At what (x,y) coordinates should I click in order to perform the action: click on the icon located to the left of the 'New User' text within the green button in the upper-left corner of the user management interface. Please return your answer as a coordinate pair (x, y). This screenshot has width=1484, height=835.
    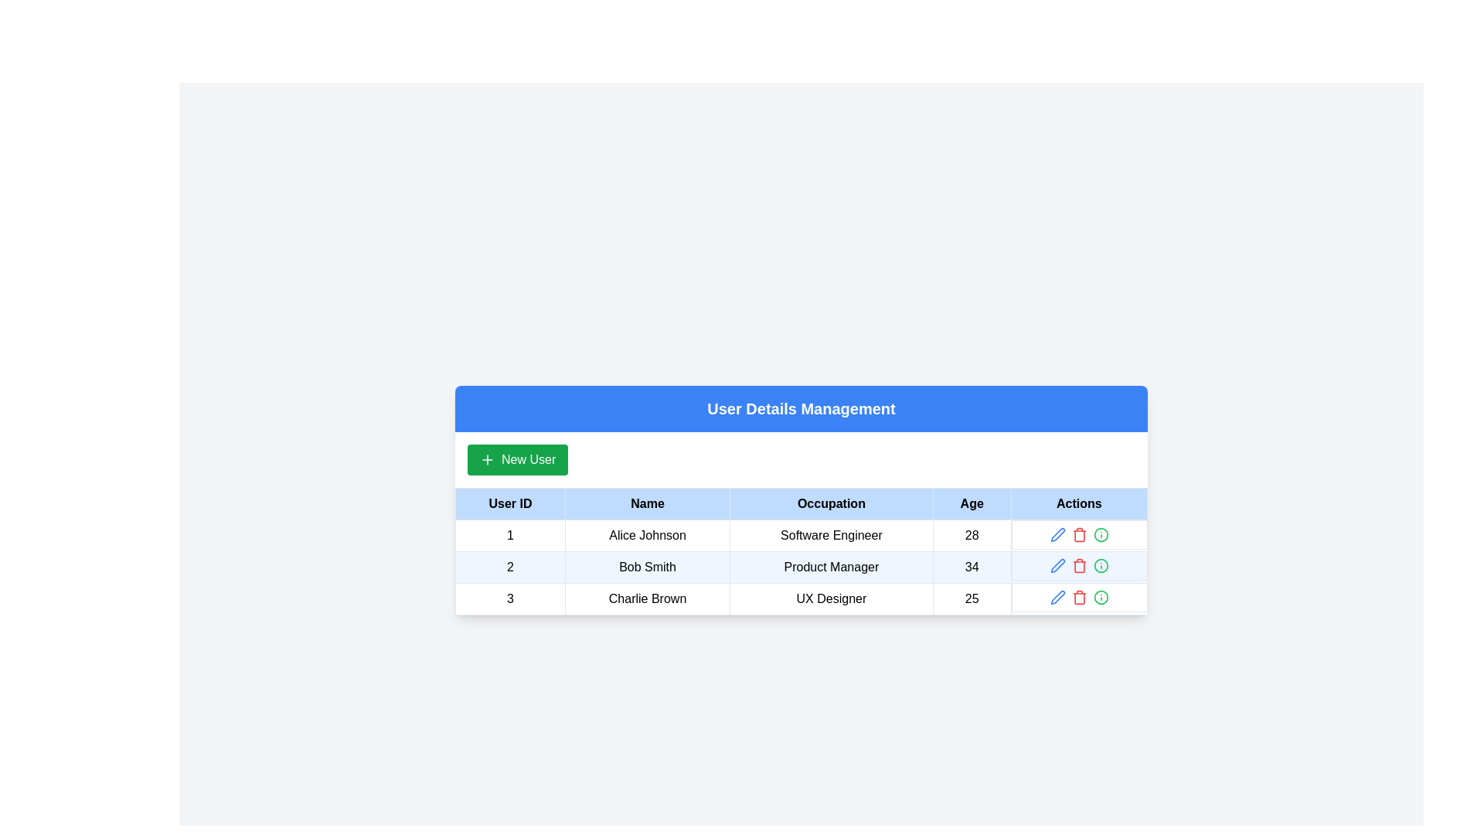
    Looking at the image, I should click on (486, 458).